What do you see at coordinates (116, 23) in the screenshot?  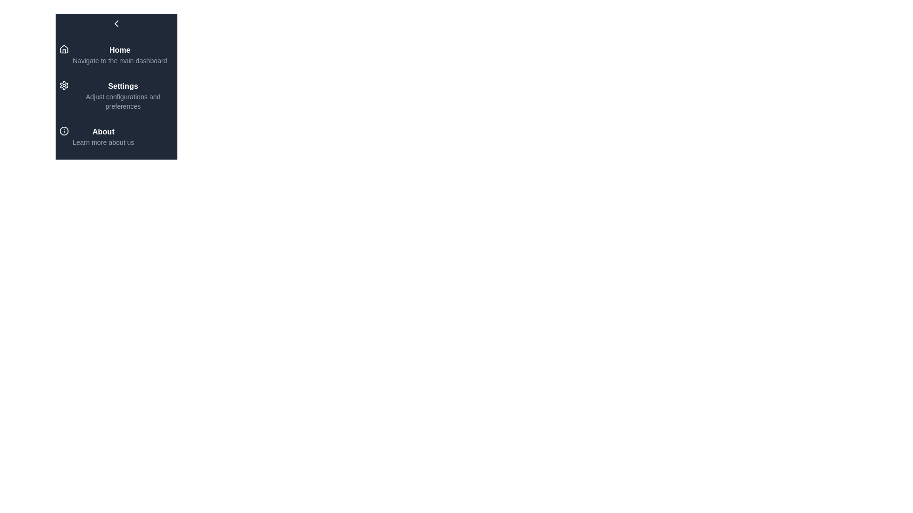 I see `toggle button at the top of the sidebar to open or close the menu` at bounding box center [116, 23].